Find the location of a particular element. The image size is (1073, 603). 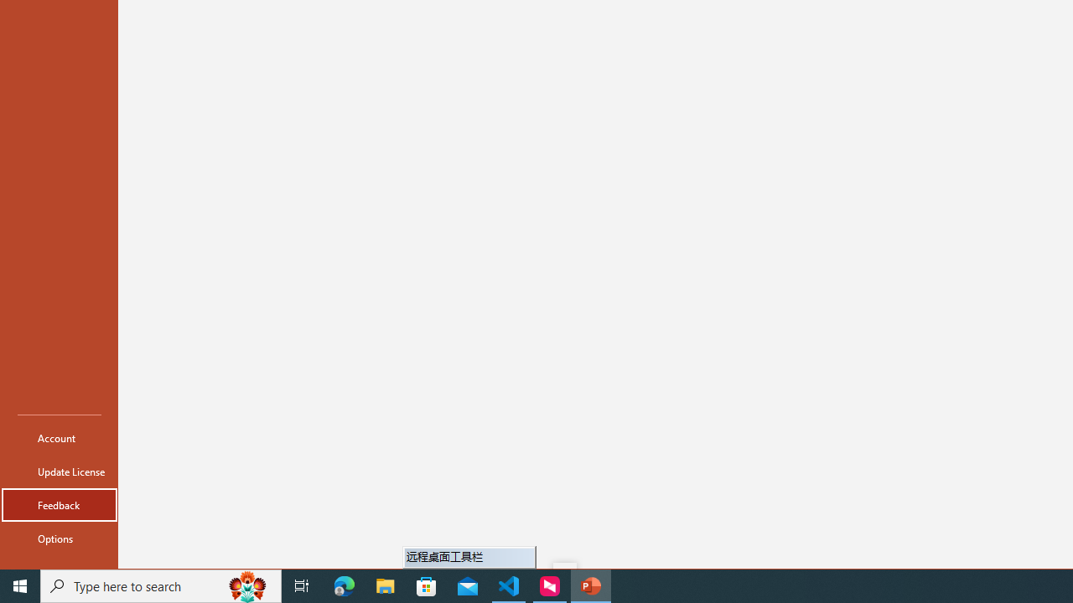

'Account' is located at coordinates (60, 437).